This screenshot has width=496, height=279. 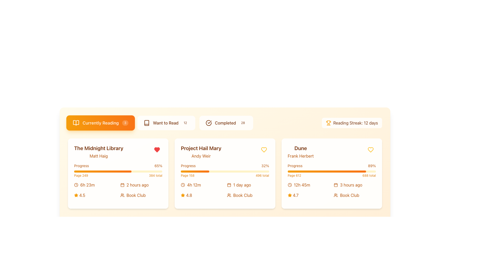 I want to click on the text label displaying the total number of pages in the book 'Project Hail Mary,' located in the bottom-right section of the card, next to 'Page 158.', so click(x=262, y=175).